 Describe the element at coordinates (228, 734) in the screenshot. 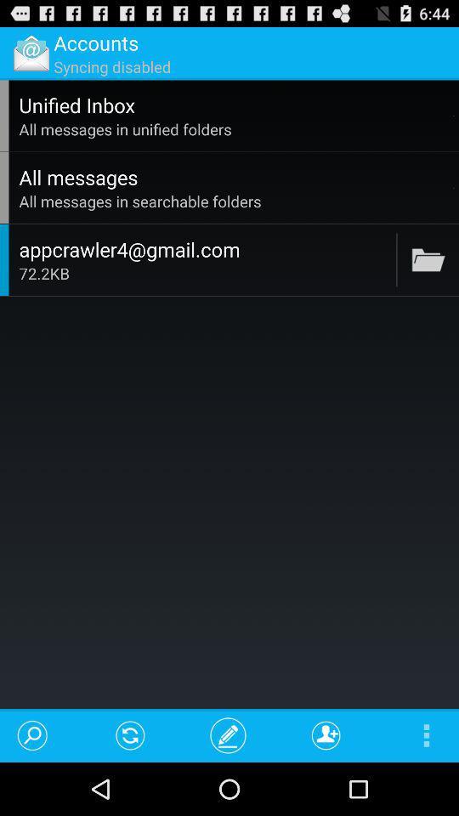

I see `item at the bottom` at that location.